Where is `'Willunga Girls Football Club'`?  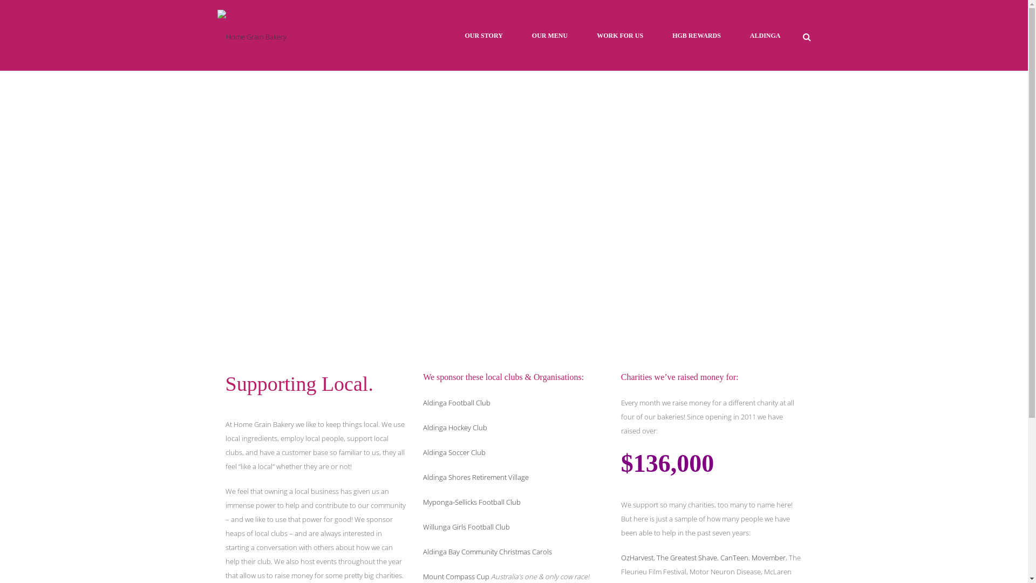 'Willunga Girls Football Club' is located at coordinates (466, 526).